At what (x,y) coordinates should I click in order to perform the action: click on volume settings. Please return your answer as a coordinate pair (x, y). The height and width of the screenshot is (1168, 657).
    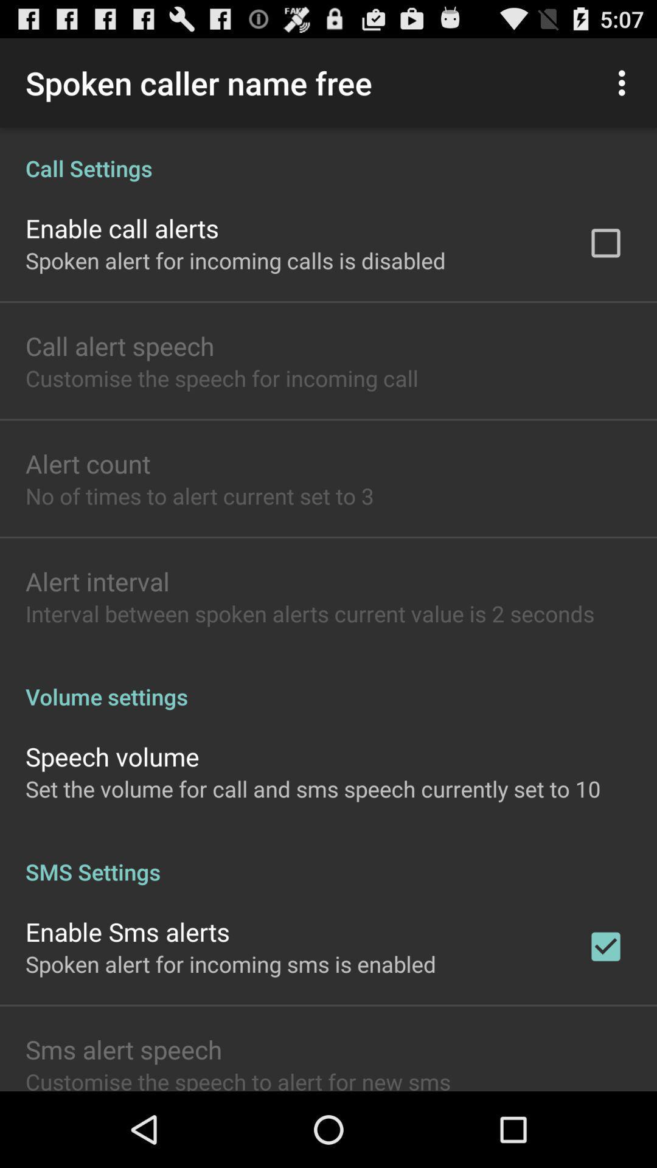
    Looking at the image, I should click on (328, 684).